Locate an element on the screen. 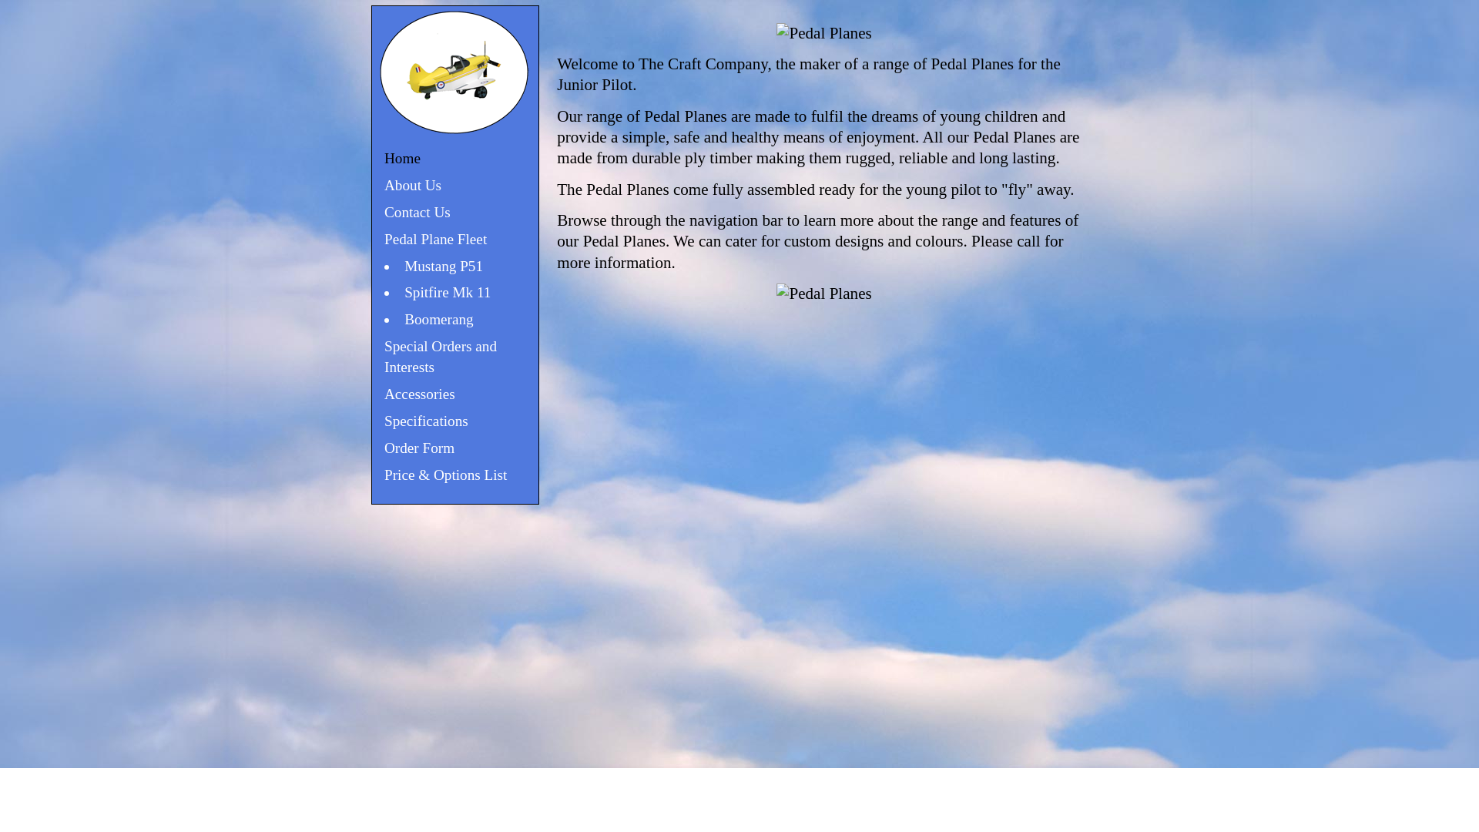 This screenshot has height=832, width=1479. 'Special Orders and Interests' is located at coordinates (439, 356).